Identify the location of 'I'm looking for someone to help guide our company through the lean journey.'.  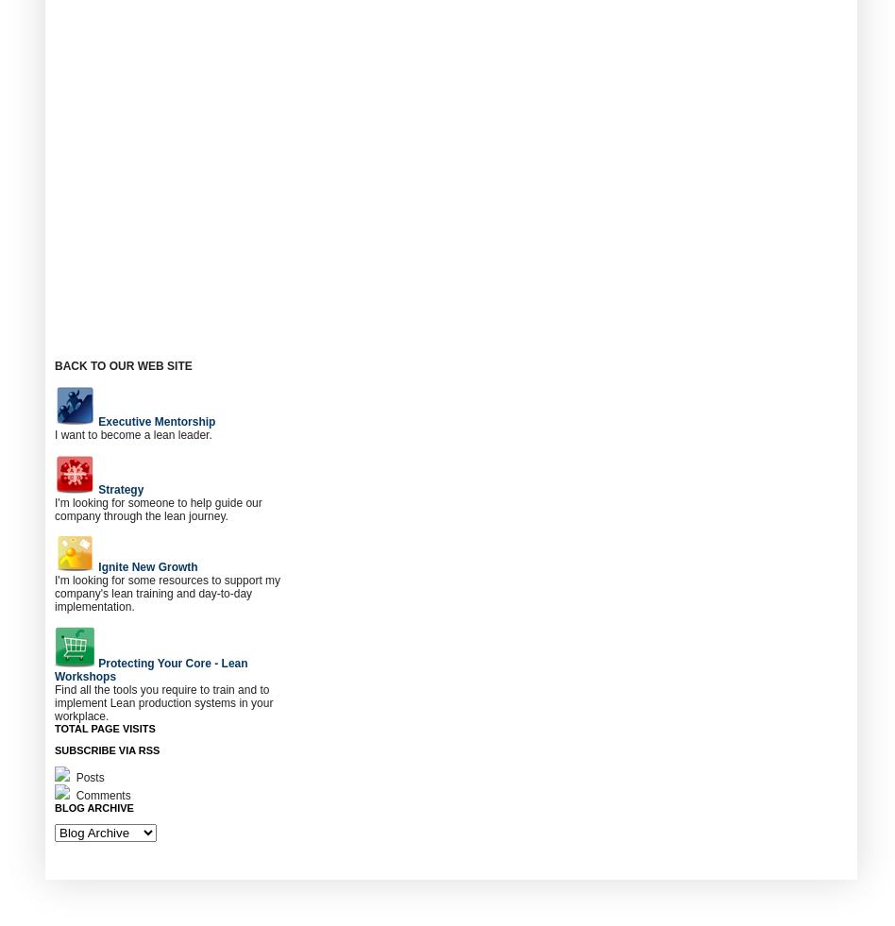
(157, 510).